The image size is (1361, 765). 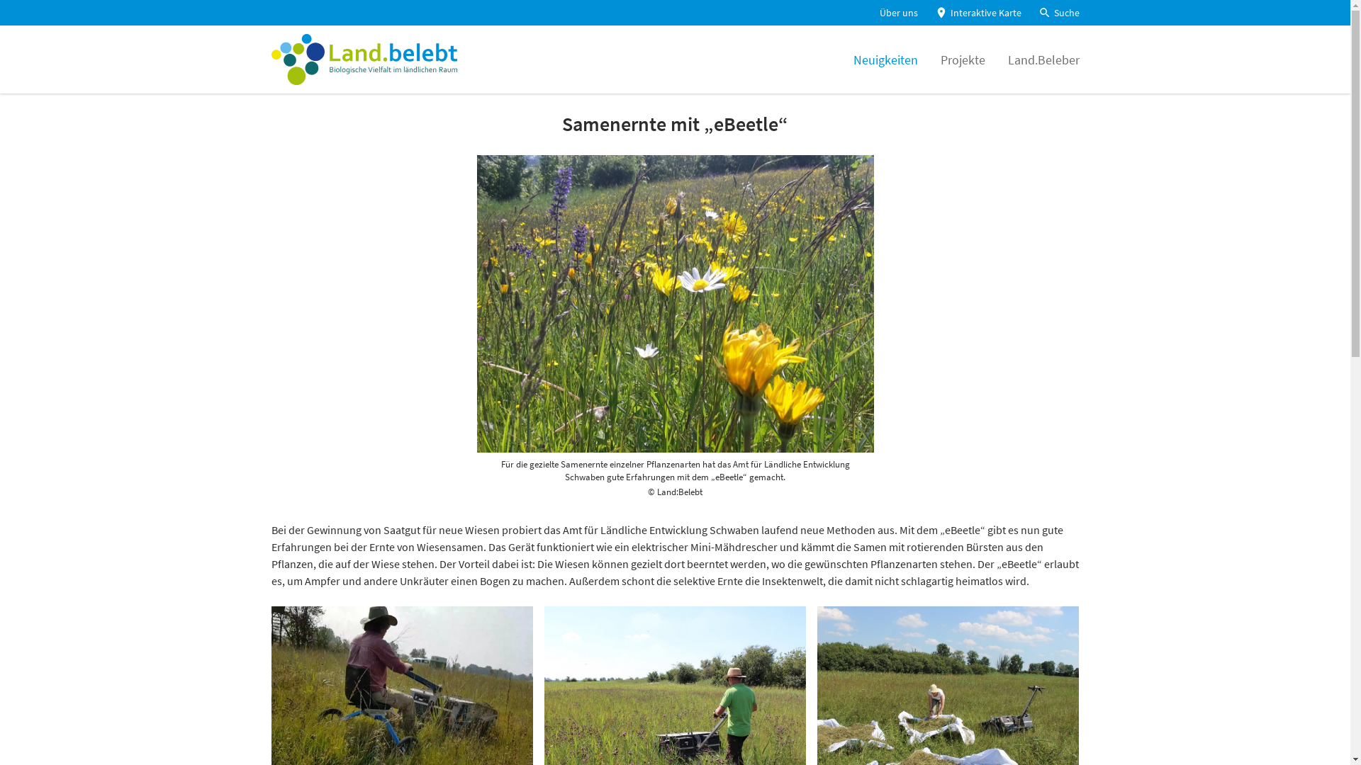 What do you see at coordinates (939, 58) in the screenshot?
I see `'Projekte'` at bounding box center [939, 58].